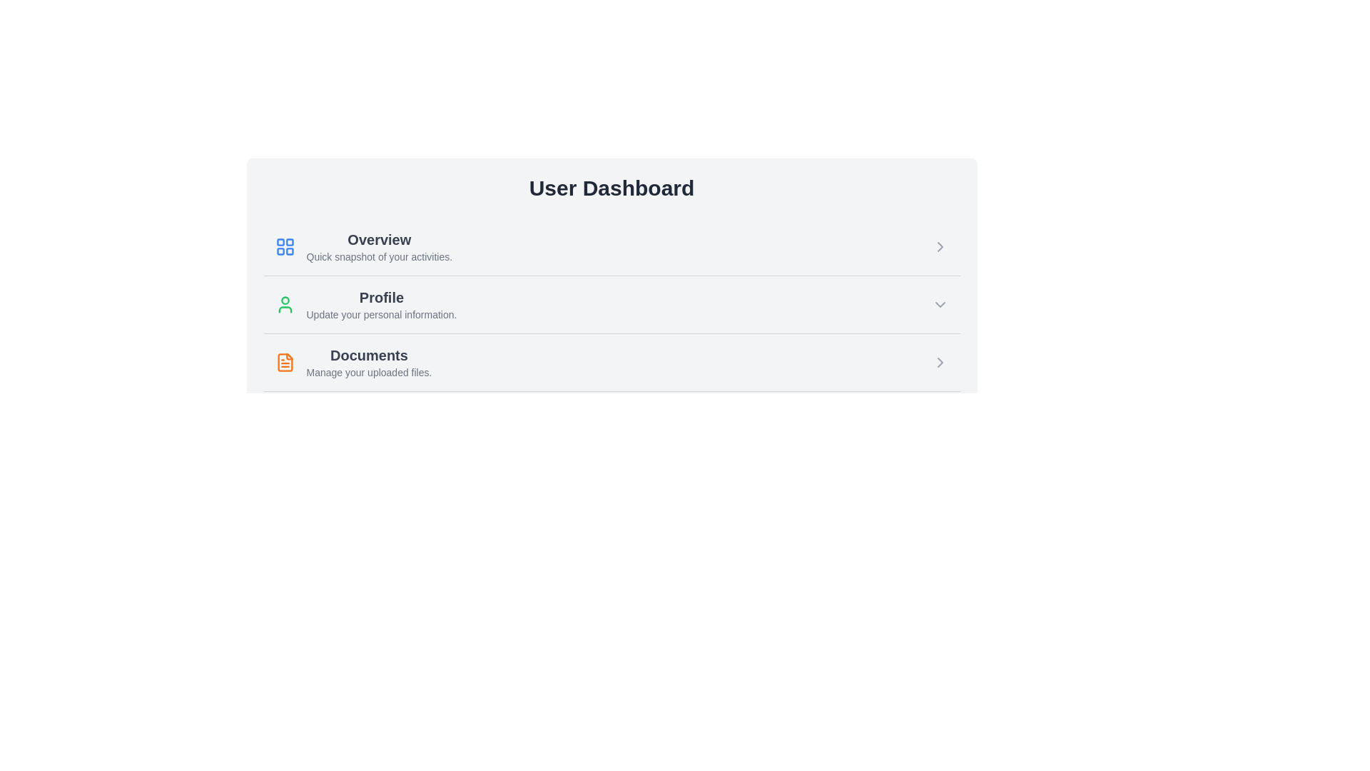 The height and width of the screenshot is (771, 1370). I want to click on the green circular icon representing the user's profile picture located in the profile section of the user dashboard, so click(285, 300).